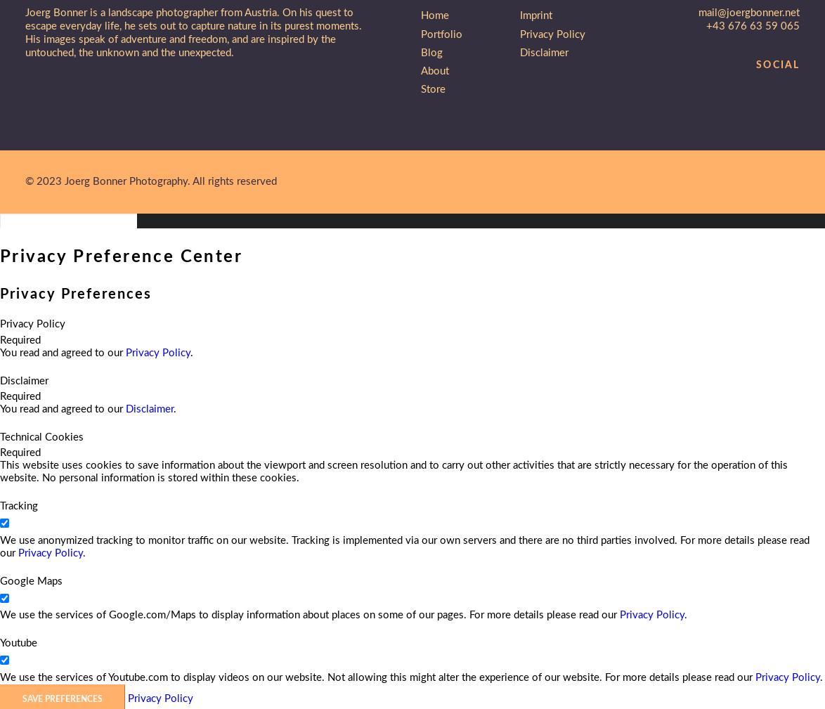 The image size is (825, 709). What do you see at coordinates (41, 436) in the screenshot?
I see `'Technical Cookies'` at bounding box center [41, 436].